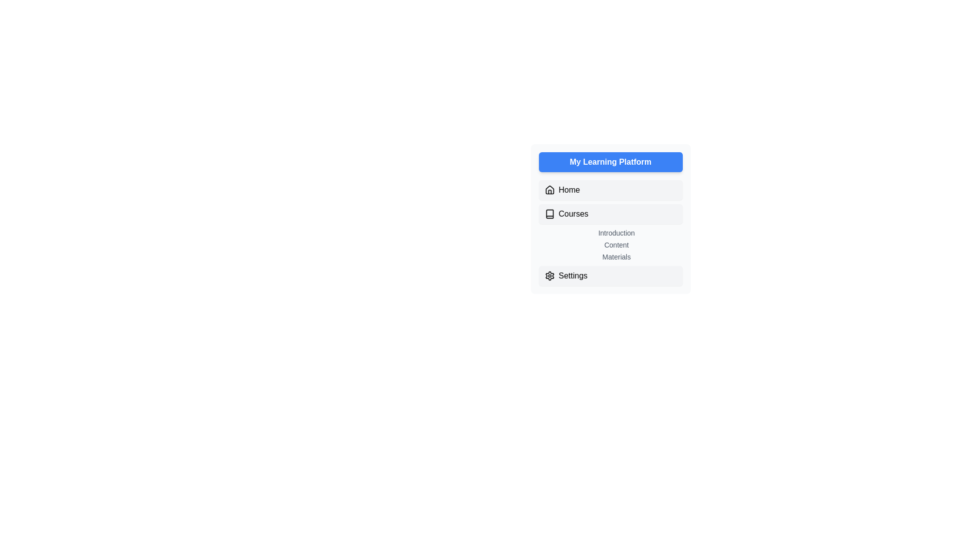 The width and height of the screenshot is (959, 539). What do you see at coordinates (549, 275) in the screenshot?
I see `the gear icon, which is an SVG image styled as a black cog, positioned to the left of the 'Settings' text in the vertical navigation menu` at bounding box center [549, 275].